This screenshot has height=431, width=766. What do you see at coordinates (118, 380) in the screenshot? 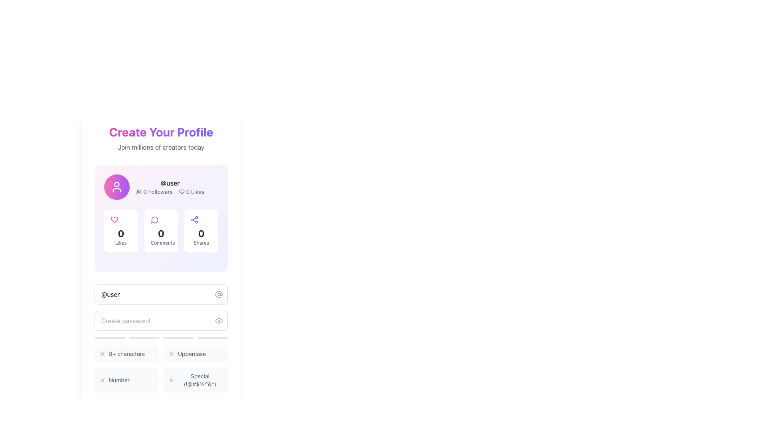
I see `the text label displaying 'Number', which is a small light gray text label located below the password creation section of the profile creation interface` at bounding box center [118, 380].